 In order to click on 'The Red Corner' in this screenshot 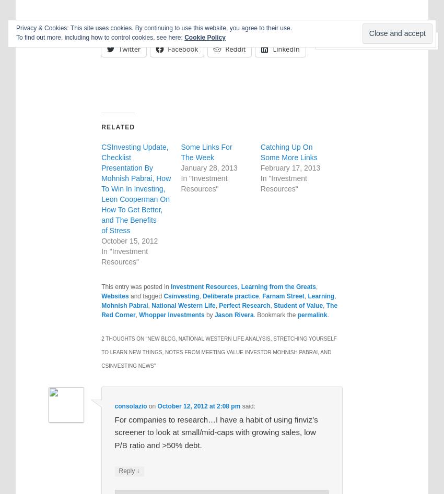, I will do `click(219, 309)`.